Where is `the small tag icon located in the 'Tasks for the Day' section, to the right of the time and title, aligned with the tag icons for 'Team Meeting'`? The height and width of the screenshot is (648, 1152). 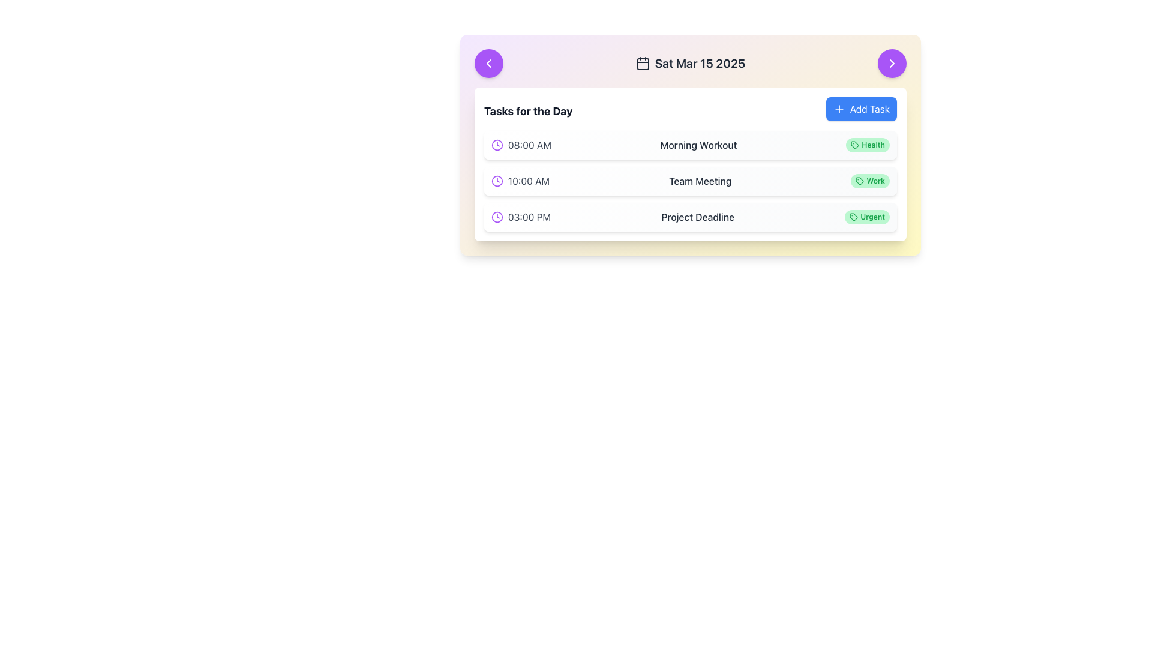 the small tag icon located in the 'Tasks for the Day' section, to the right of the time and title, aligned with the tag icons for 'Team Meeting' is located at coordinates (859, 181).